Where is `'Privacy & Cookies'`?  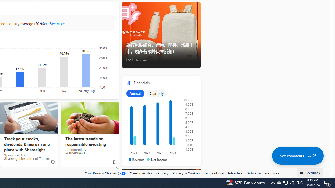
'Privacy & Cookies' is located at coordinates (186, 173).